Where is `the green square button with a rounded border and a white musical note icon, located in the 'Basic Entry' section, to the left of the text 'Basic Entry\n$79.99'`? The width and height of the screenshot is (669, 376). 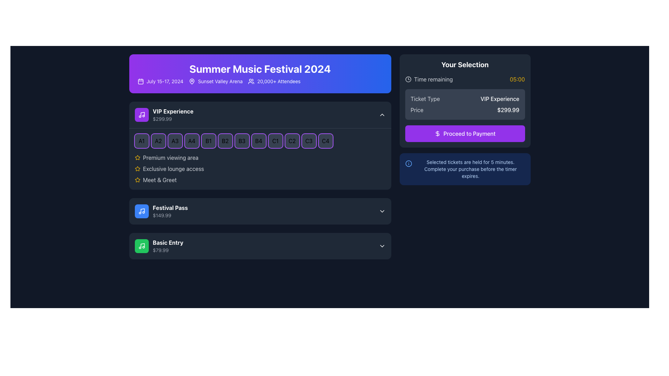
the green square button with a rounded border and a white musical note icon, located in the 'Basic Entry' section, to the left of the text 'Basic Entry\n$79.99' is located at coordinates (141, 245).